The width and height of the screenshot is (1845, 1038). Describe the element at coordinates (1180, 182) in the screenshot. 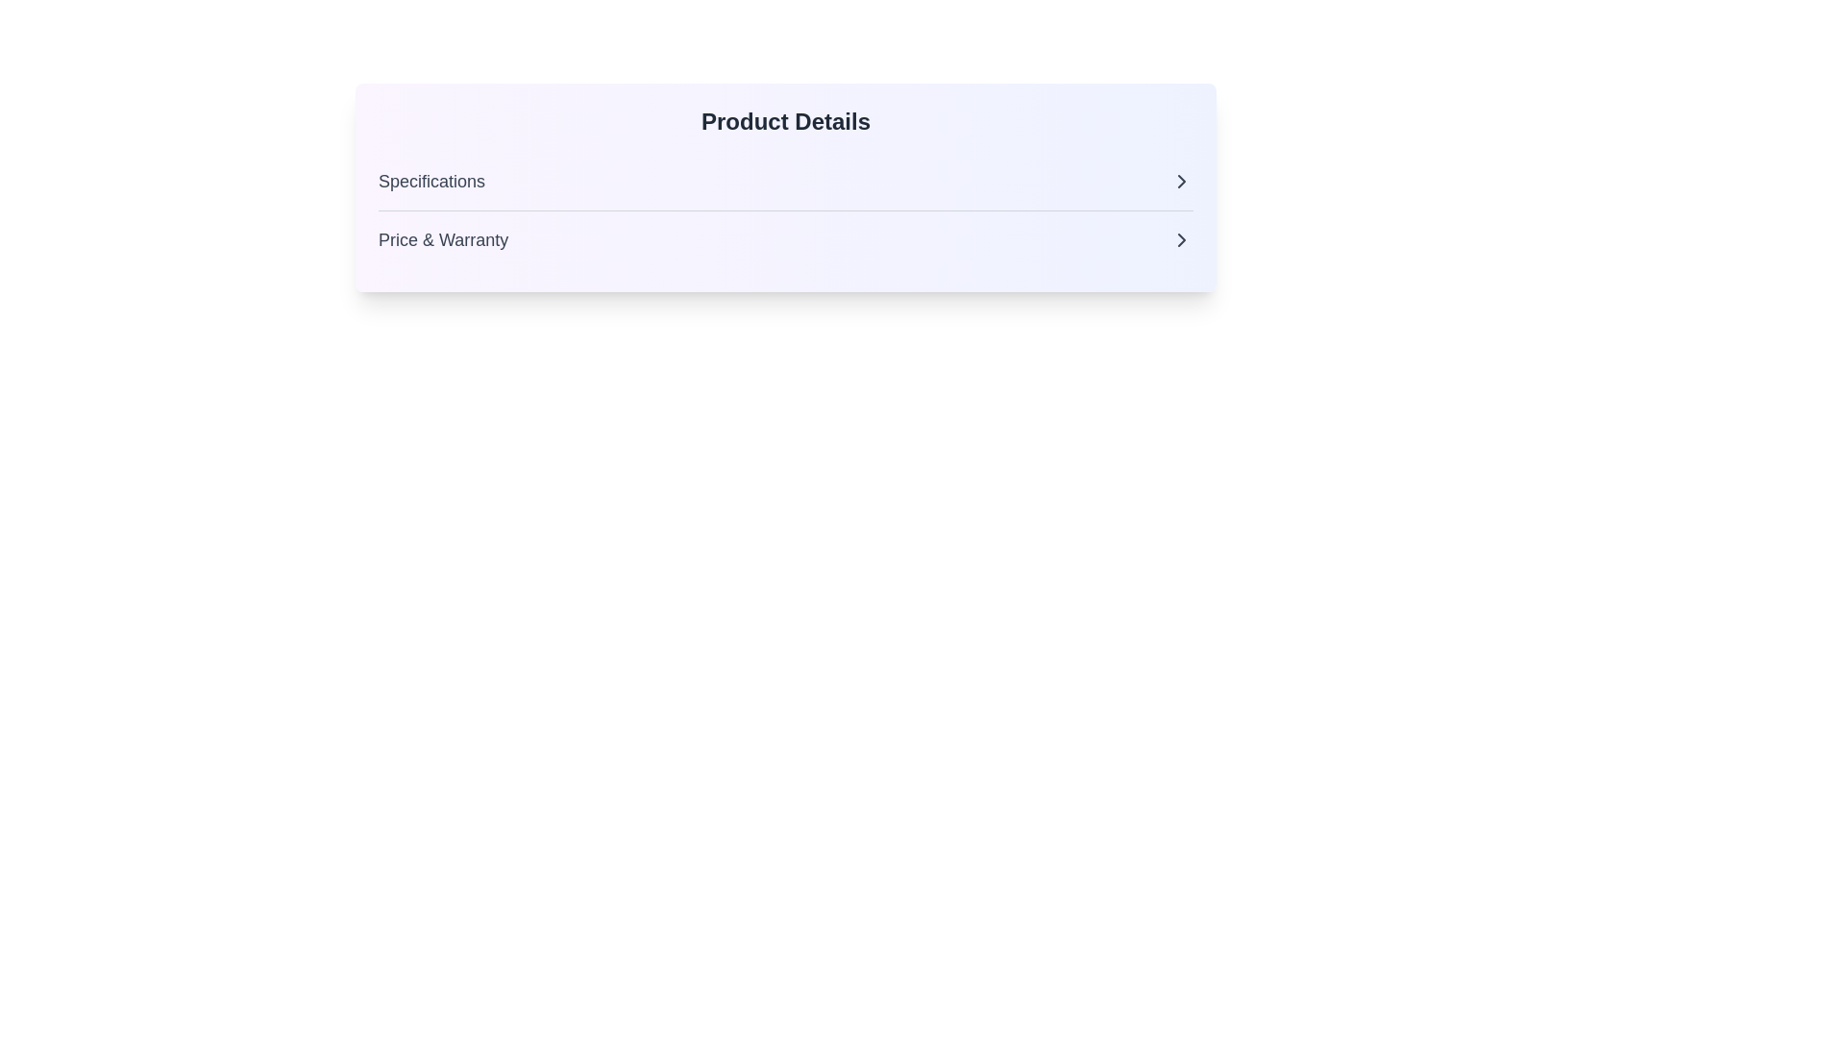

I see `the chevron icon located at the far right of the horizontal layout next to the 'Specifications' label` at that location.